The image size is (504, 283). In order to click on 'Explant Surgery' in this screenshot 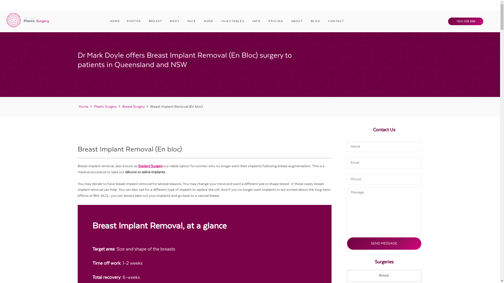, I will do `click(150, 166)`.